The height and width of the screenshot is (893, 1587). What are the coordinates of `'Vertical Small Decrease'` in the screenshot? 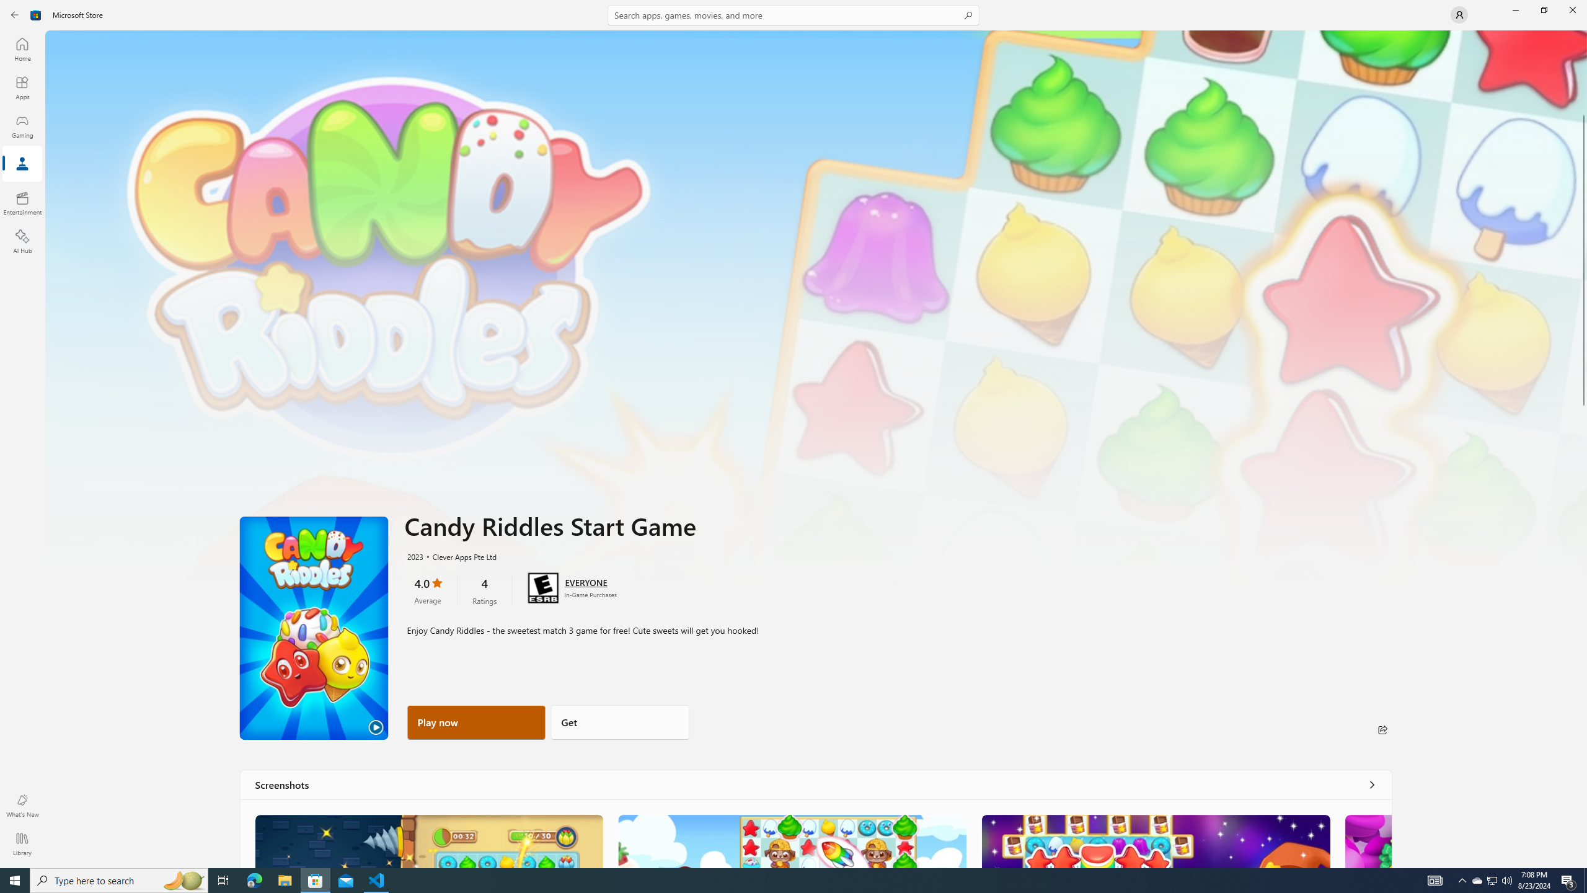 It's located at (1582, 34).